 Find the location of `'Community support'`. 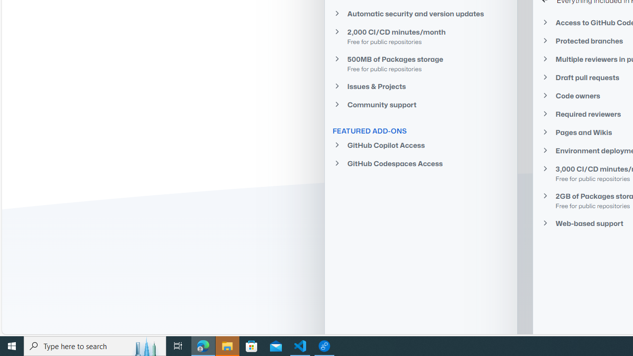

'Community support' is located at coordinates (421, 105).